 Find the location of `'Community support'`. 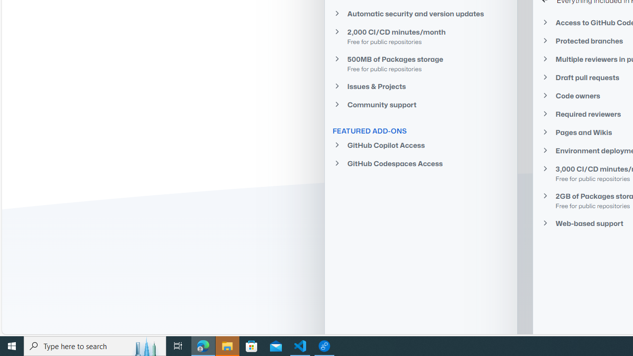

'Community support' is located at coordinates (421, 105).